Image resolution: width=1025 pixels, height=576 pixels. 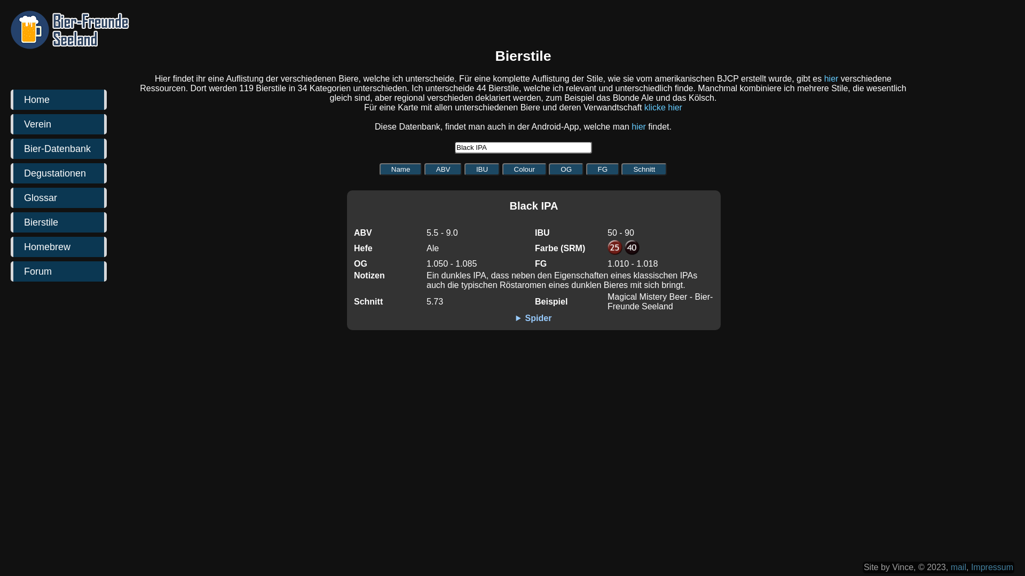 I want to click on 'OG', so click(x=548, y=169).